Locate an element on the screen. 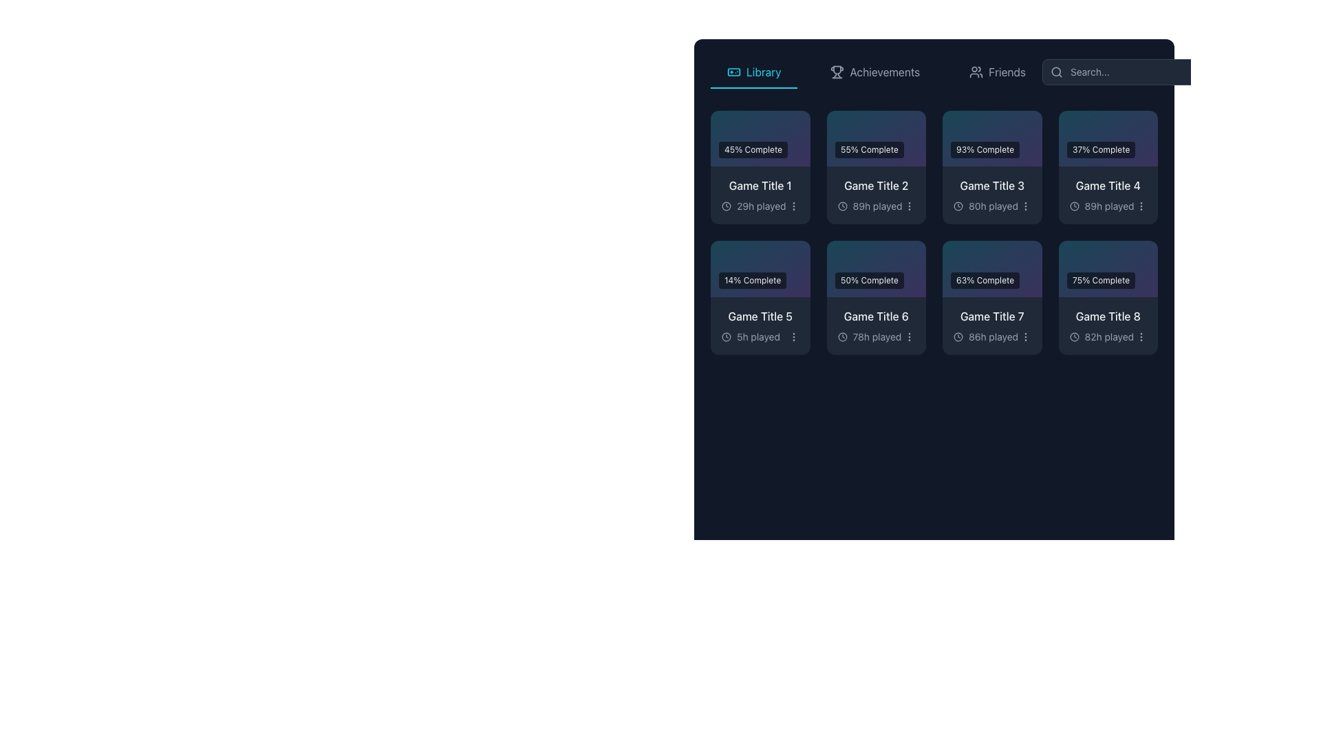 The image size is (1321, 743). the 'Friends' navigation button located at the rightmost position among three tabs in the top bar is located at coordinates (998, 72).